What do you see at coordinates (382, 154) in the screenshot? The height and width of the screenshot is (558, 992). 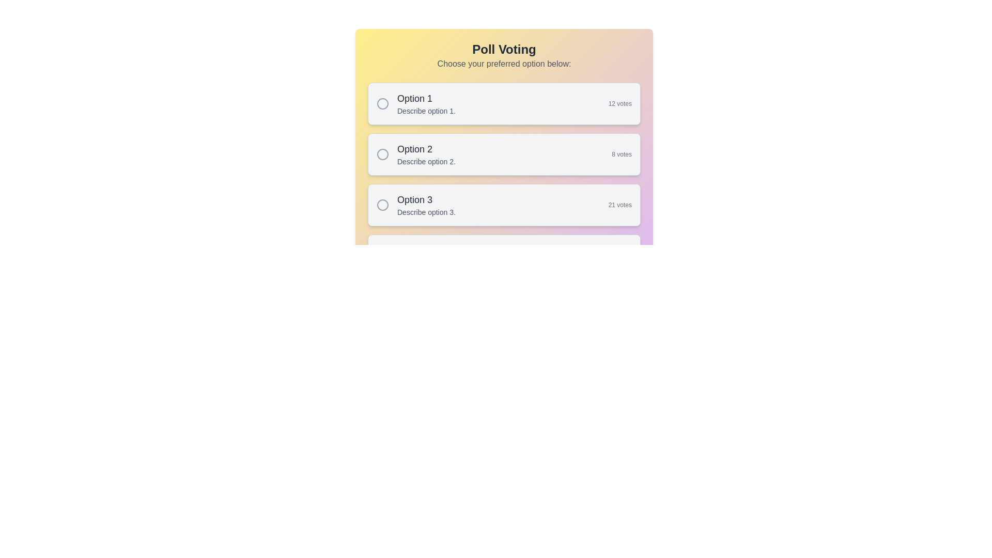 I see `the radio button labeled 'Option 2'` at bounding box center [382, 154].